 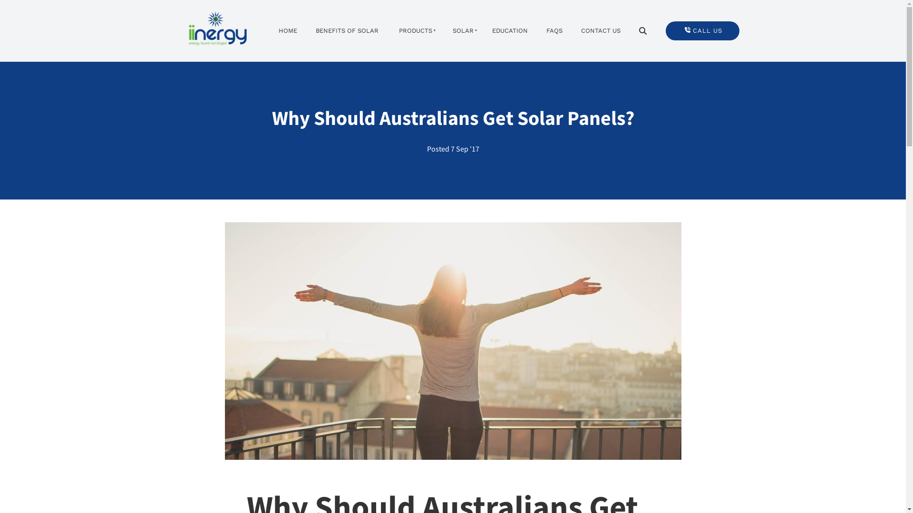 I want to click on 'HOME', so click(x=287, y=30).